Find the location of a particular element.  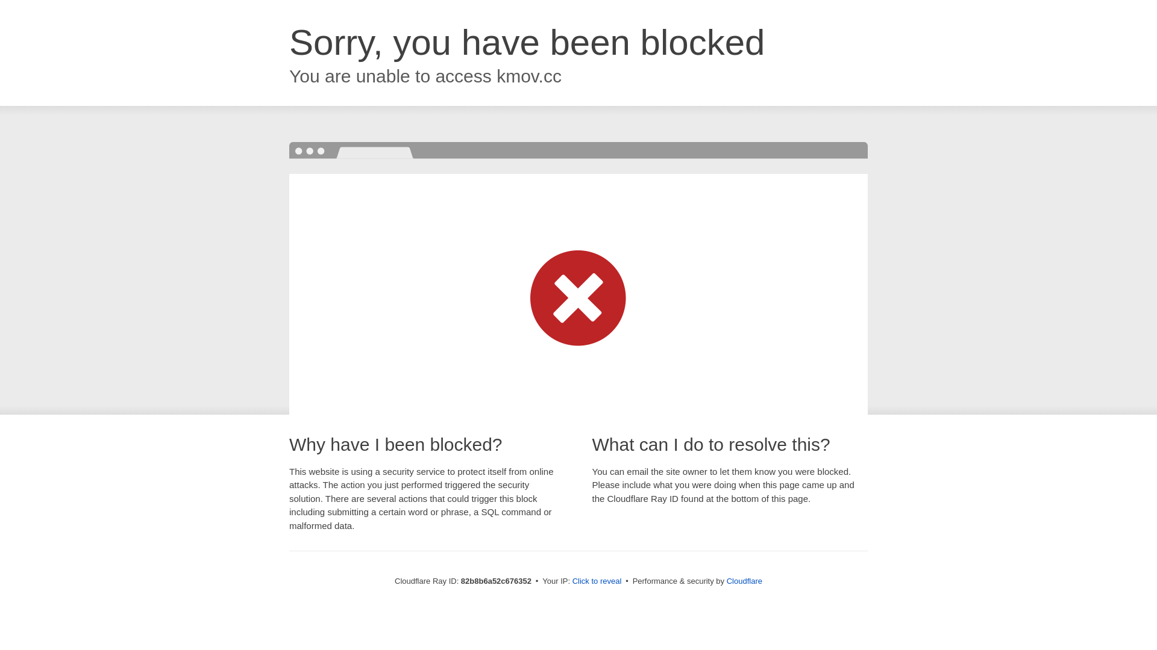

'Cloudflare' is located at coordinates (744, 580).